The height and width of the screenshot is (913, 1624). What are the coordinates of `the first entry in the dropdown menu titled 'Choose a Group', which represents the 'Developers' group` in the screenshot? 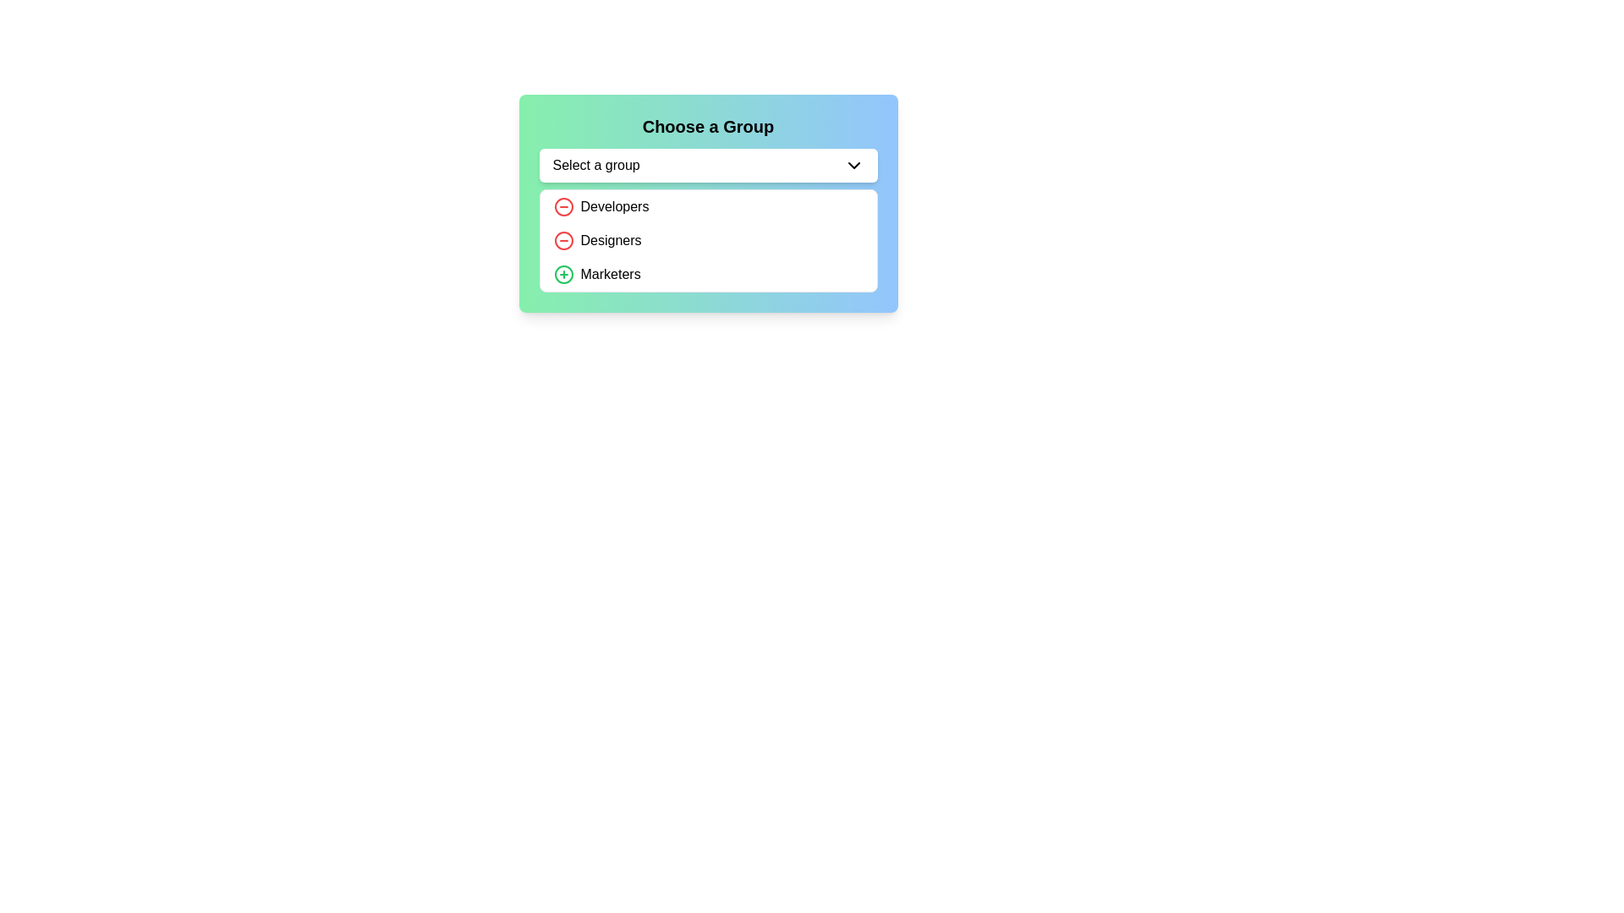 It's located at (601, 206).